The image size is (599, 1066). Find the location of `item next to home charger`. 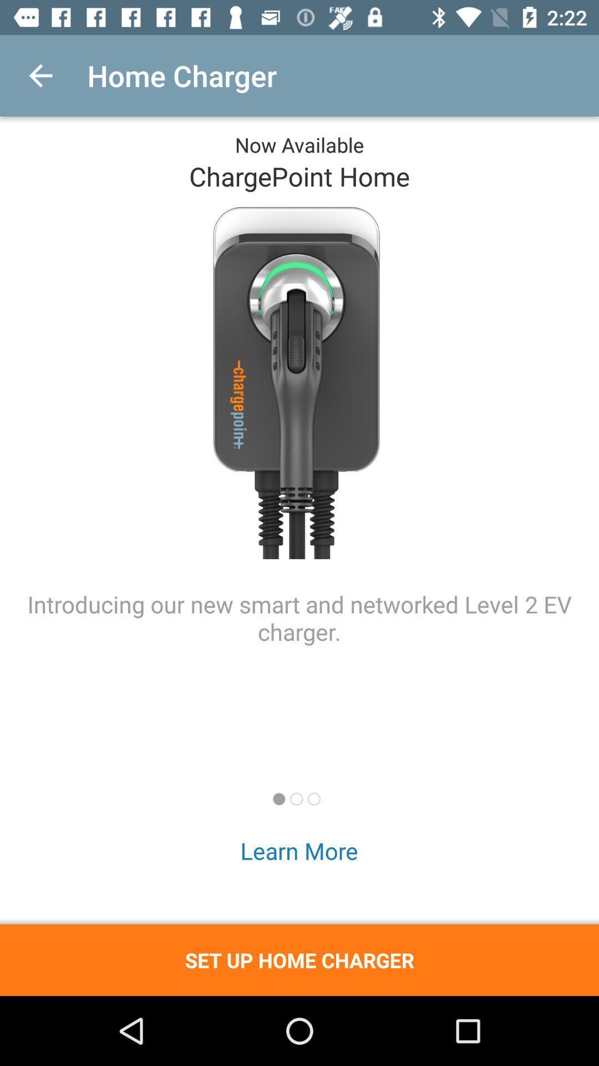

item next to home charger is located at coordinates (40, 75).